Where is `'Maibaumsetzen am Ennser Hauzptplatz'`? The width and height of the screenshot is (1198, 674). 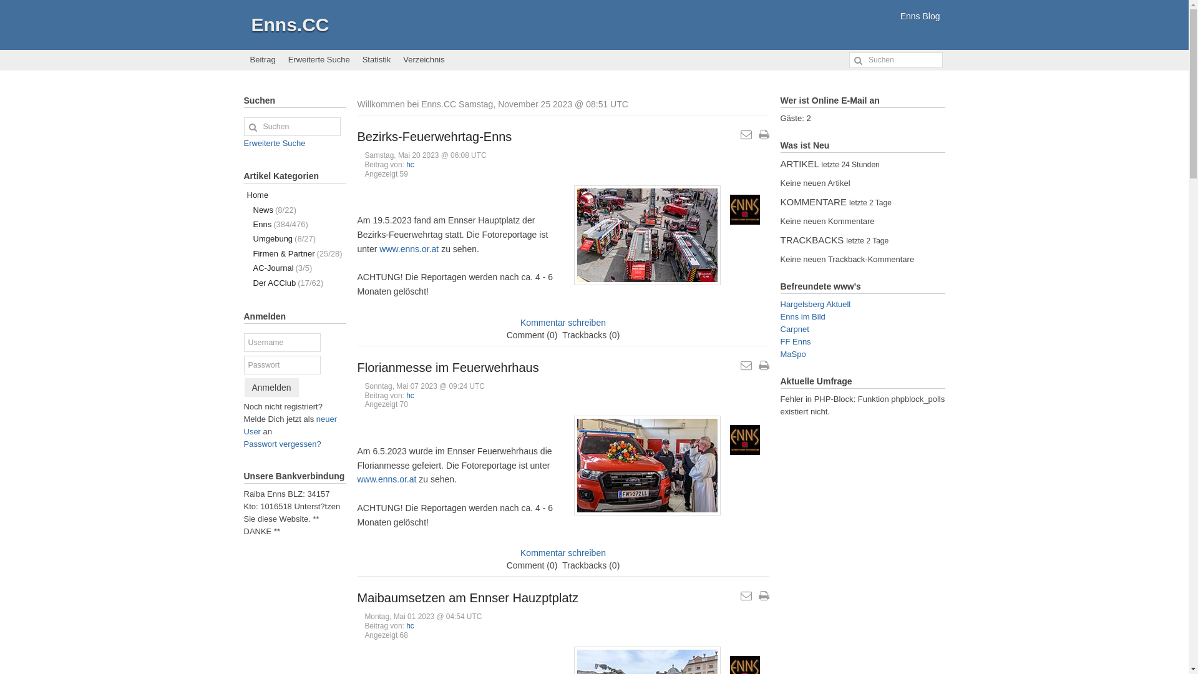
'Maibaumsetzen am Ennser Hauzptplatz' is located at coordinates (467, 597).